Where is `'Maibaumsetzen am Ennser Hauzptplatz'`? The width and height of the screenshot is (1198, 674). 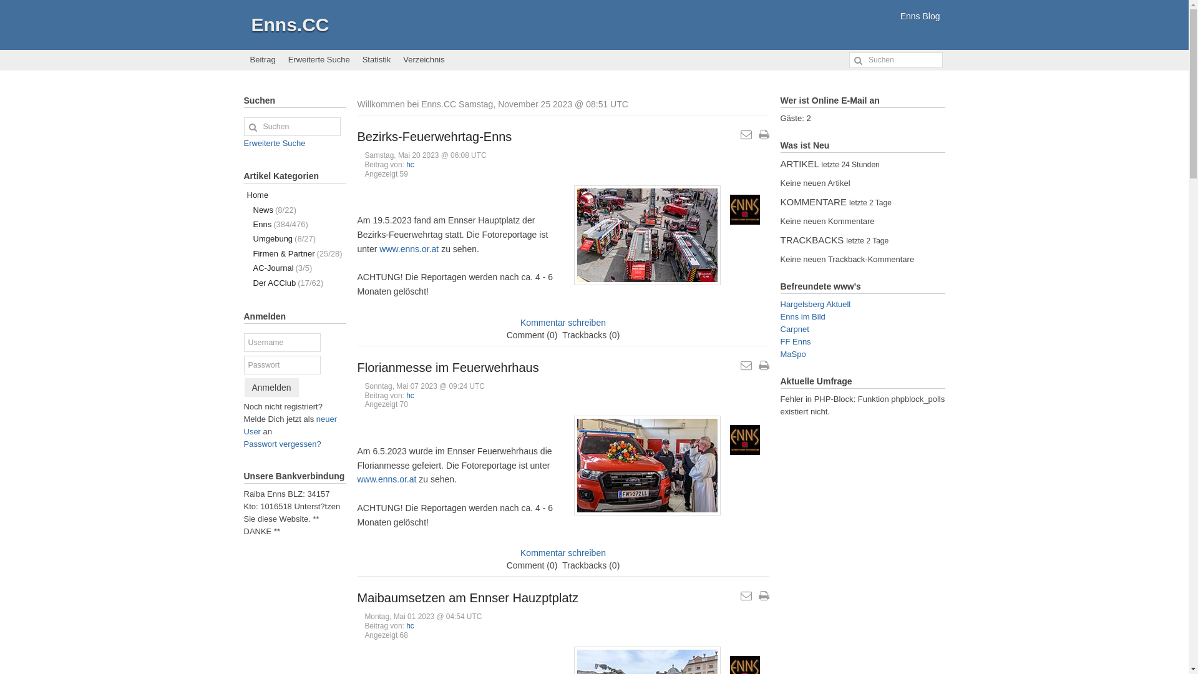
'Maibaumsetzen am Ennser Hauzptplatz' is located at coordinates (467, 597).